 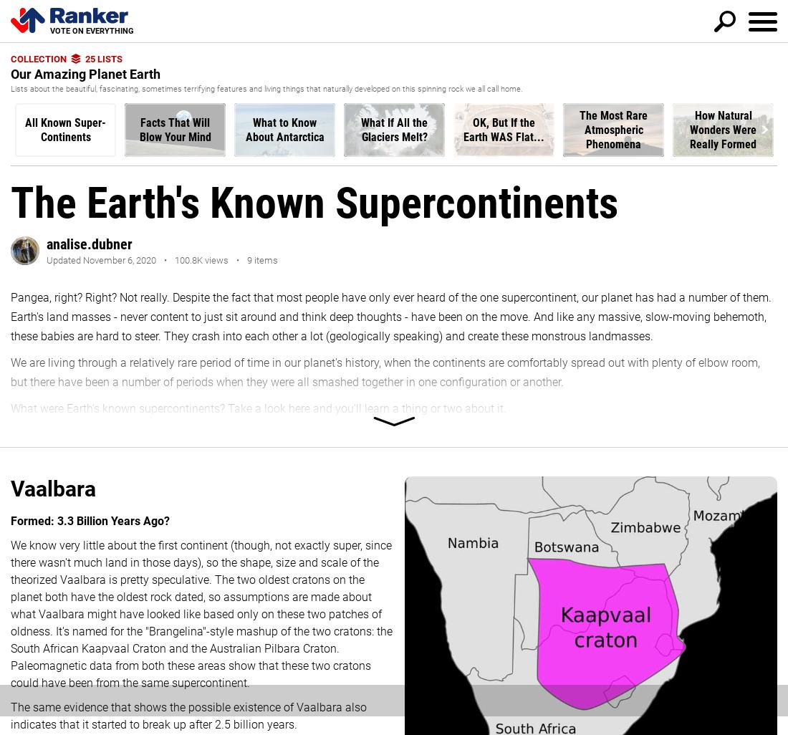 What do you see at coordinates (612, 128) in the screenshot?
I see `'The Most Rare Atmospheric Phenomena'` at bounding box center [612, 128].